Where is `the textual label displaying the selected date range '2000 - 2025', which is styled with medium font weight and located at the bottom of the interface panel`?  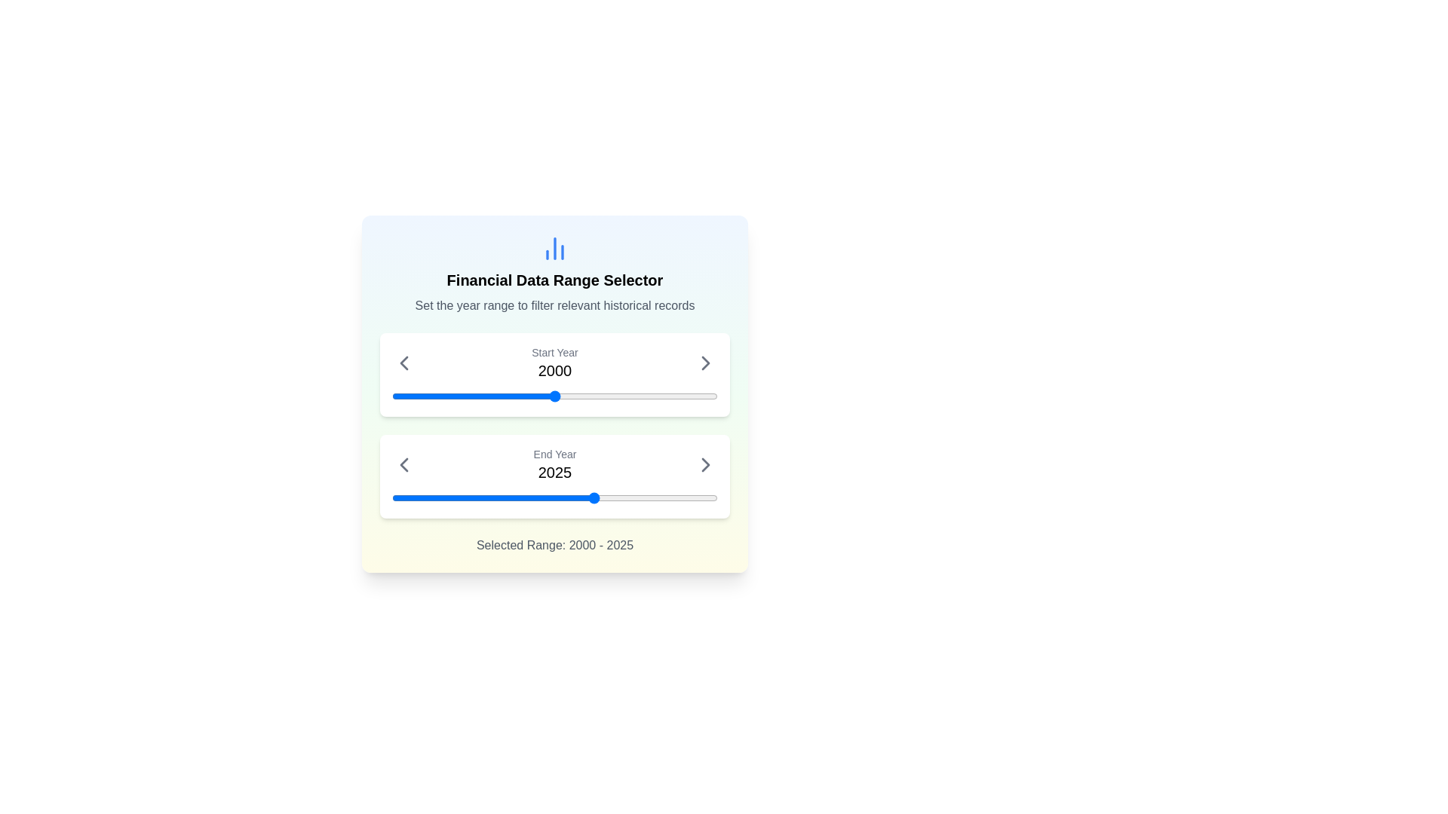
the textual label displaying the selected date range '2000 - 2025', which is styled with medium font weight and located at the bottom of the interface panel is located at coordinates (600, 545).